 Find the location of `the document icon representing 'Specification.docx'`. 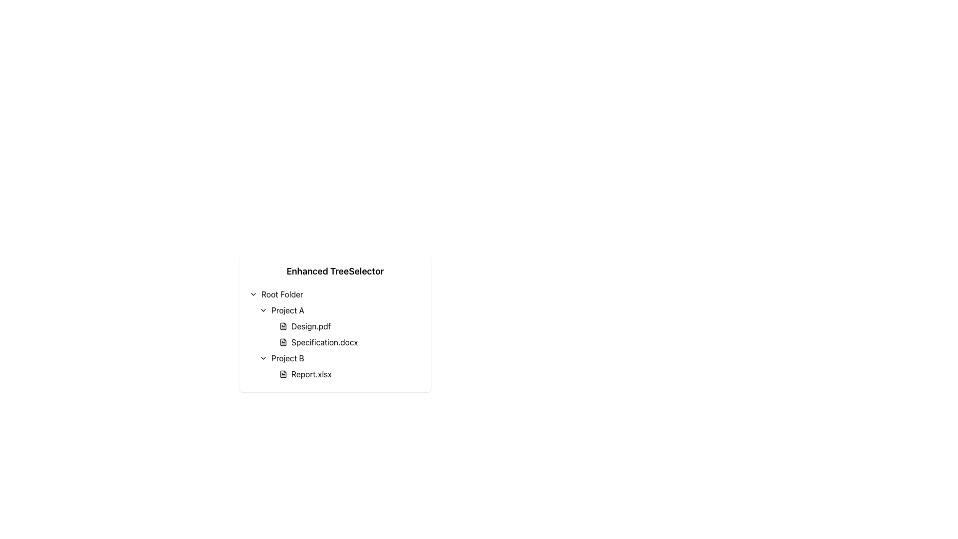

the document icon representing 'Specification.docx' is located at coordinates (282, 342).